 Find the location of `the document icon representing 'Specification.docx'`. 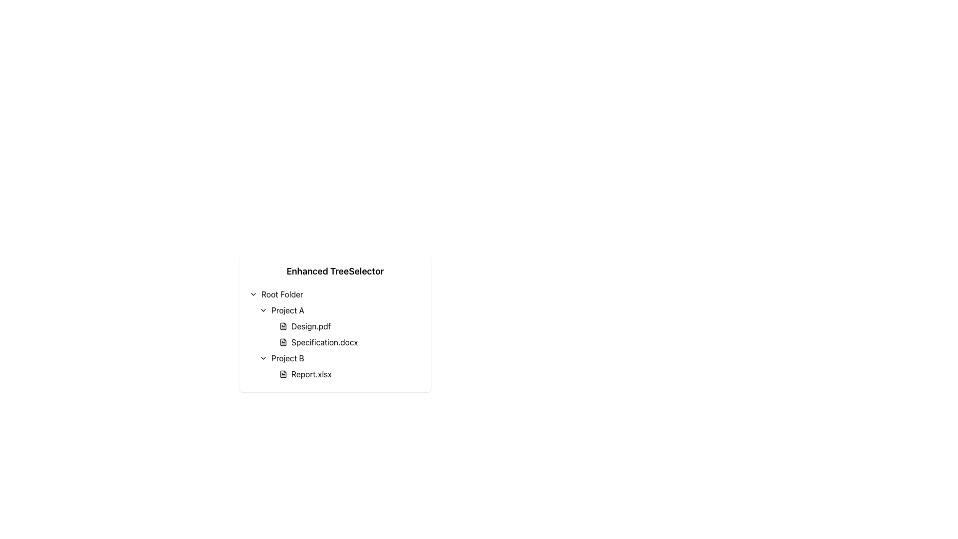

the document icon representing 'Specification.docx' is located at coordinates (282, 342).